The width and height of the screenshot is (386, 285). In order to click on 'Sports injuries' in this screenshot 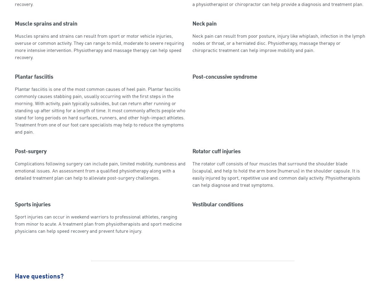, I will do `click(32, 204)`.